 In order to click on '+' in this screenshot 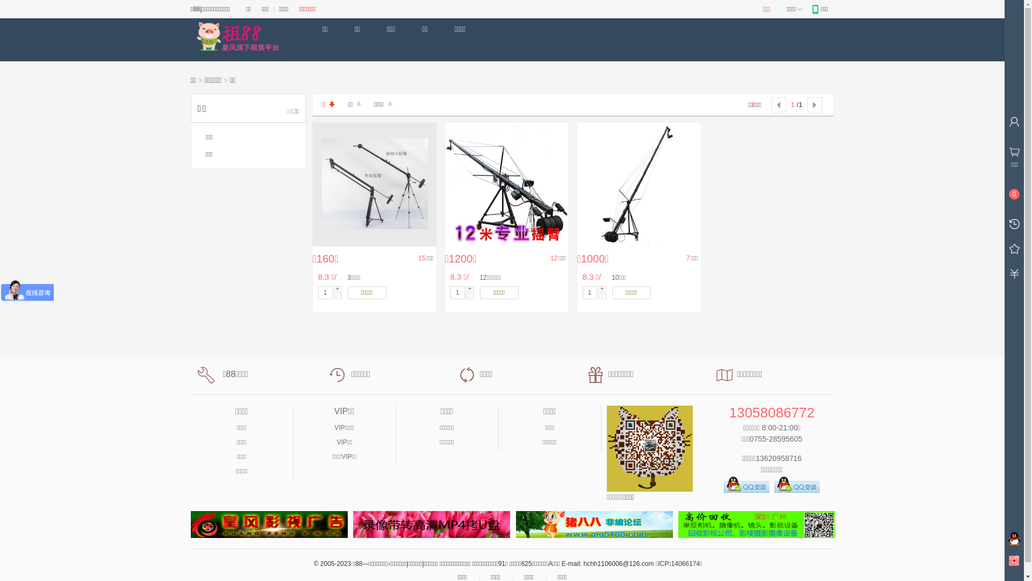, I will do `click(469, 288)`.